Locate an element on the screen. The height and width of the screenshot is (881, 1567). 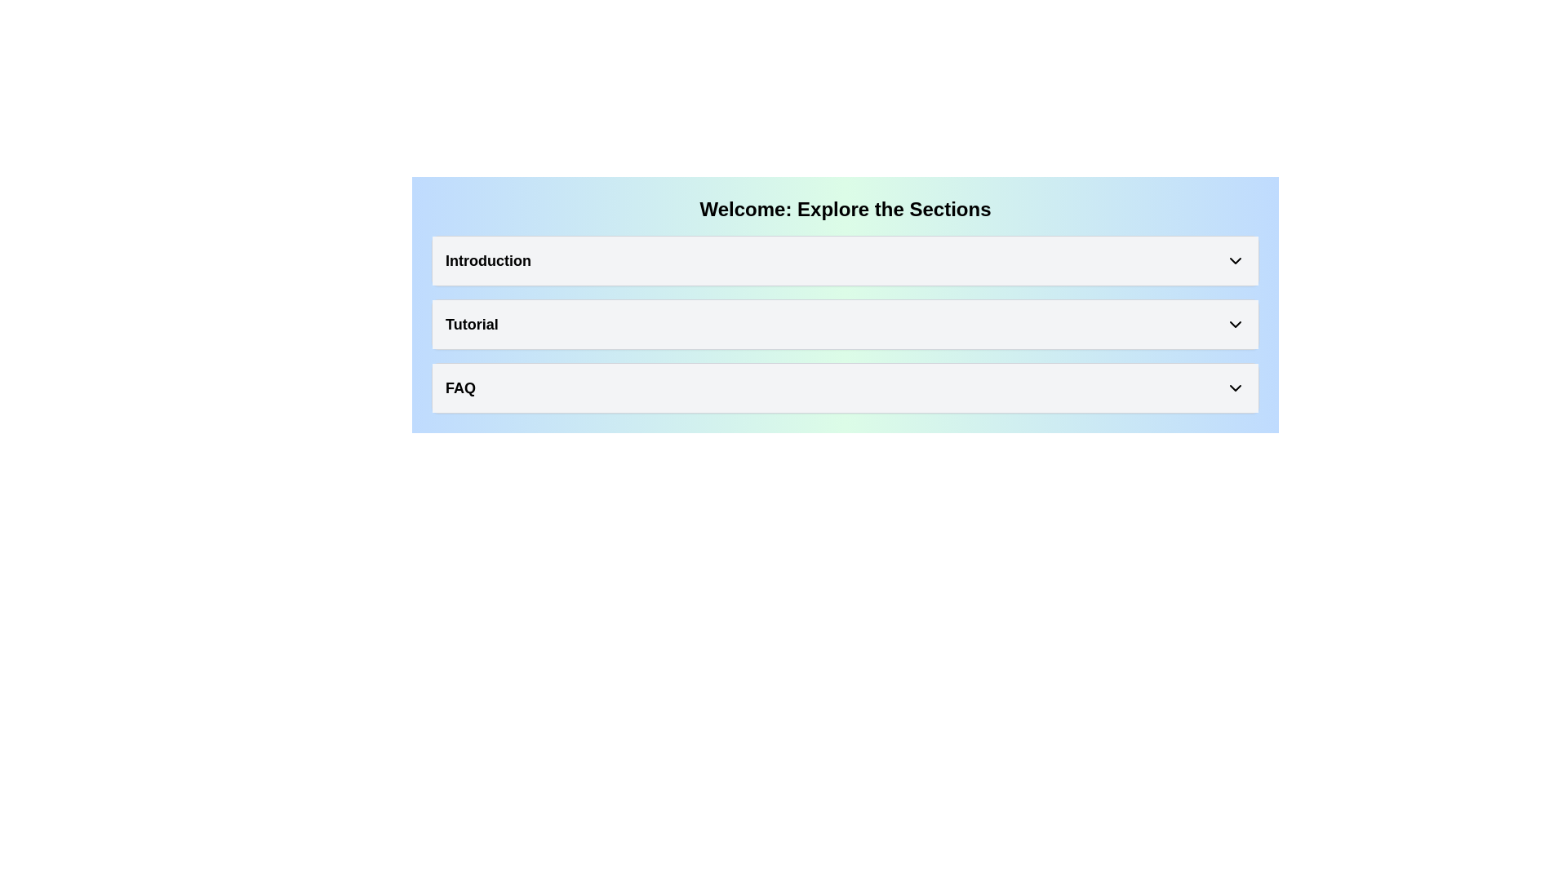
the chevron-down icon styled with a black outline on a light gray button background, located near the right edge of the 'FAQ' button is located at coordinates (1235, 387).